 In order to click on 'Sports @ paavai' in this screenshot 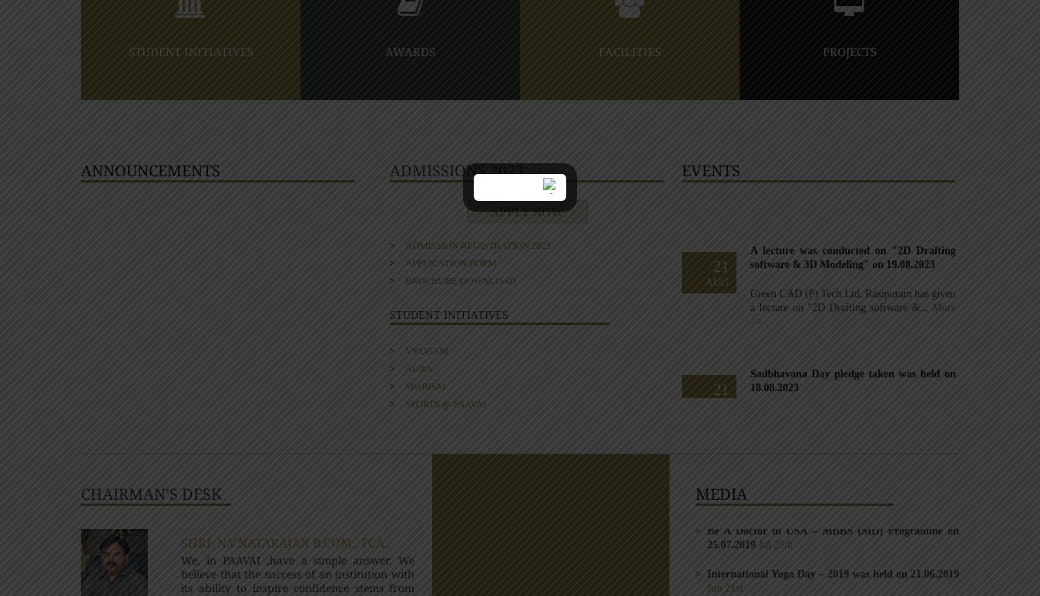, I will do `click(445, 402)`.